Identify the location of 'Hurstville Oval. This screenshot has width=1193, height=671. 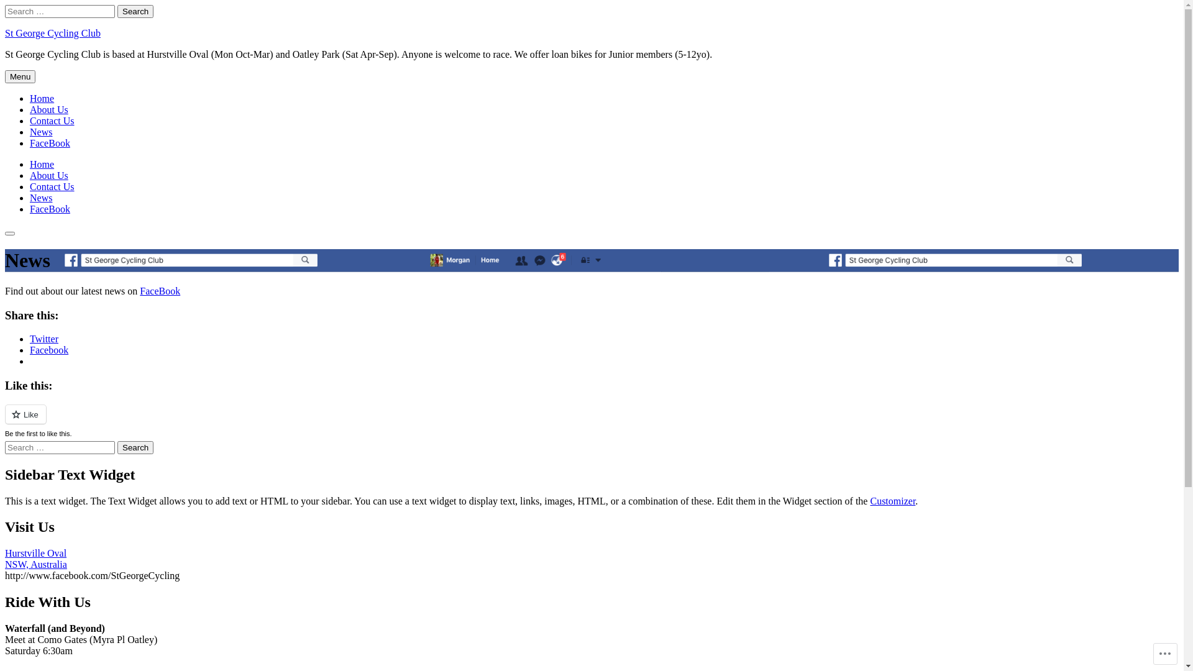
(35, 558).